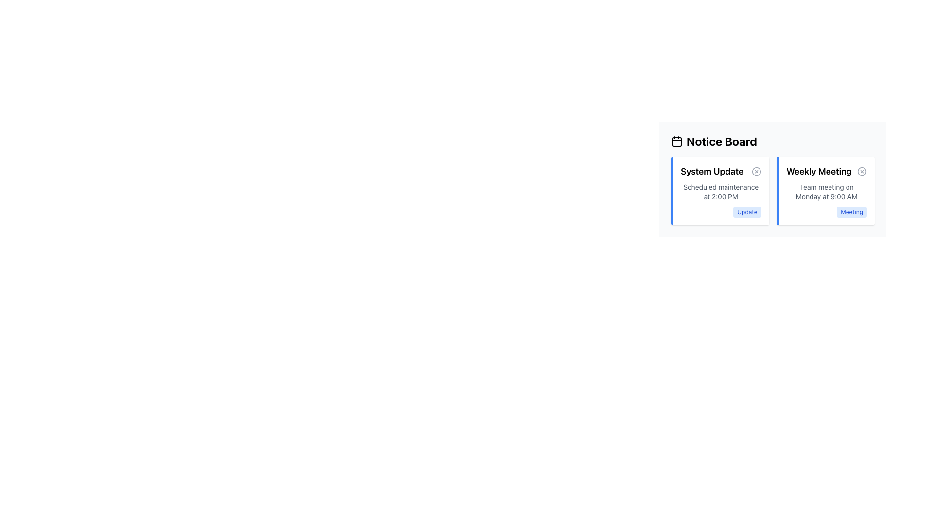 This screenshot has width=933, height=525. Describe the element at coordinates (862, 171) in the screenshot. I see `the delete icon located to the right of the 'Weekly Meeting' text` at that location.